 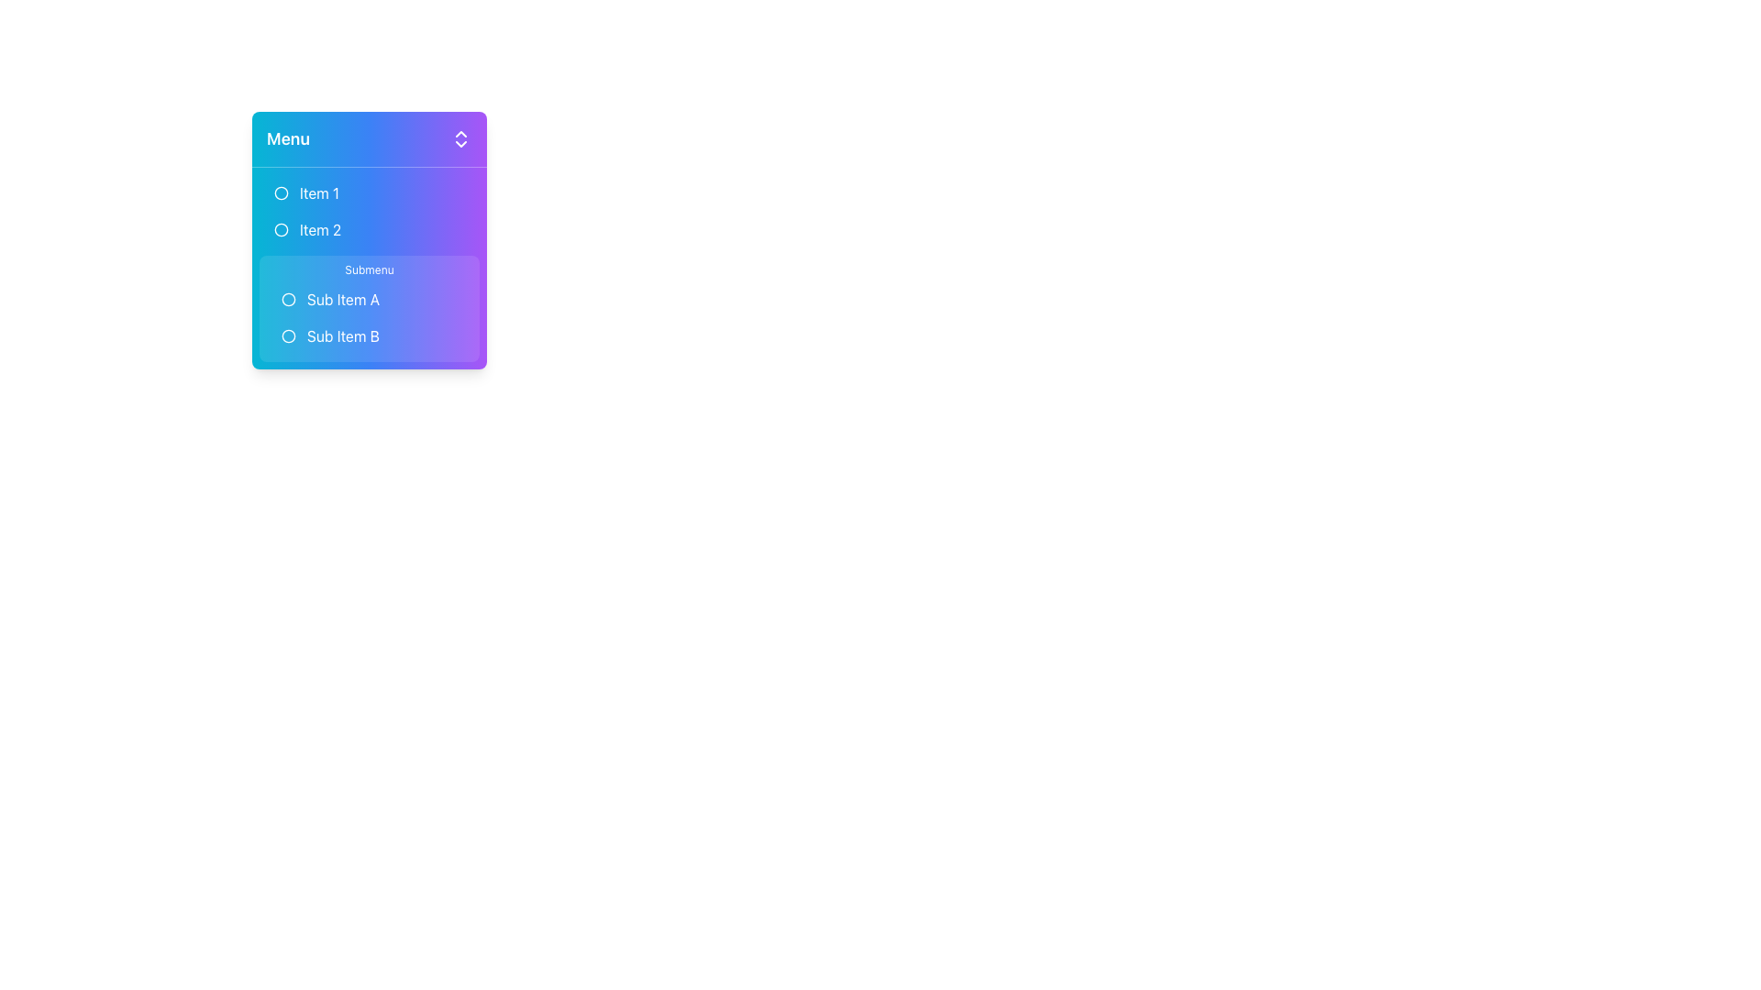 I want to click on the toggle icon located in the top-right corner of the header section labeled 'Menu', so click(x=461, y=137).